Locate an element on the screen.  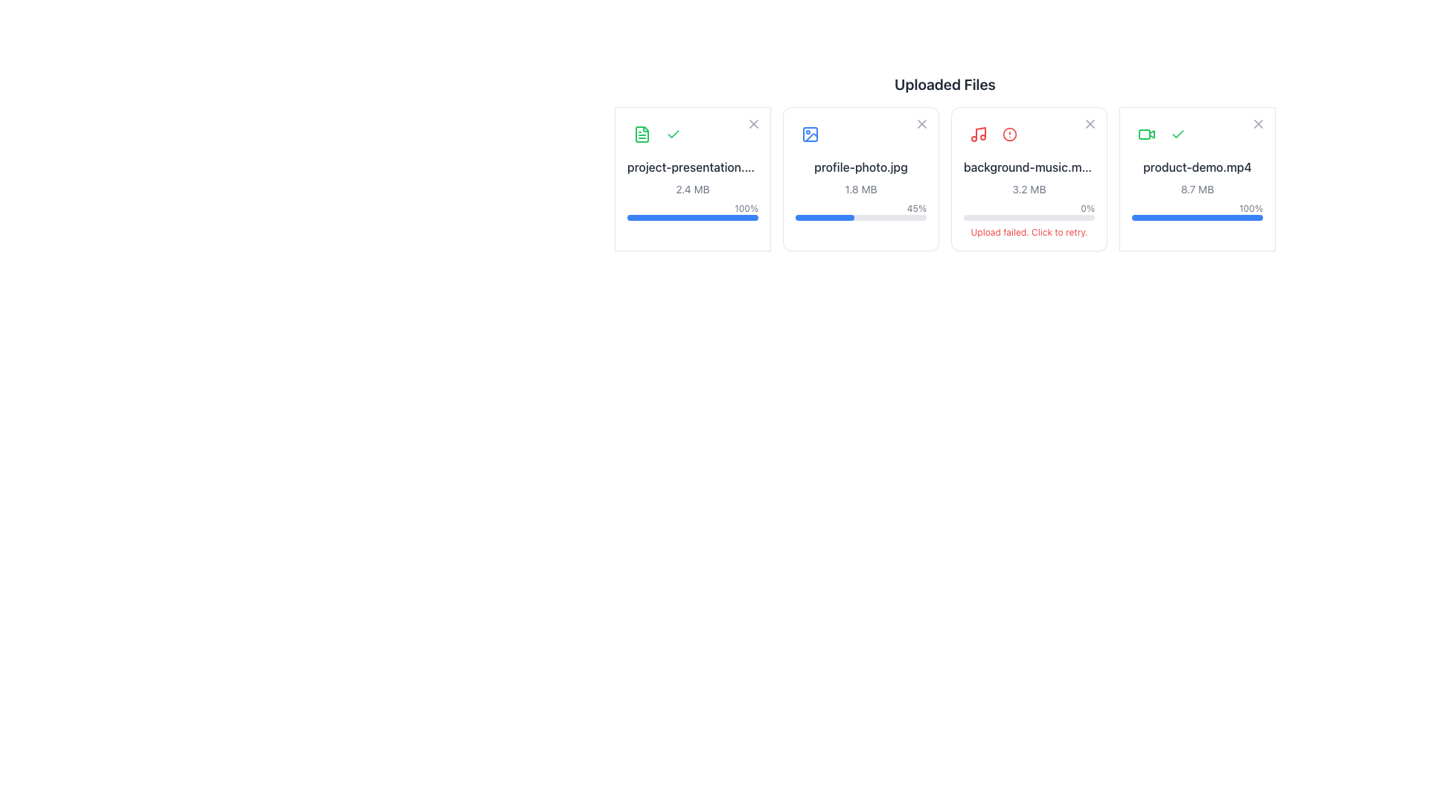
the close or delete button located at the top-right corner of the card for 'profile-photo.jpg' in the 'Uploaded Files' section is located at coordinates (921, 125).